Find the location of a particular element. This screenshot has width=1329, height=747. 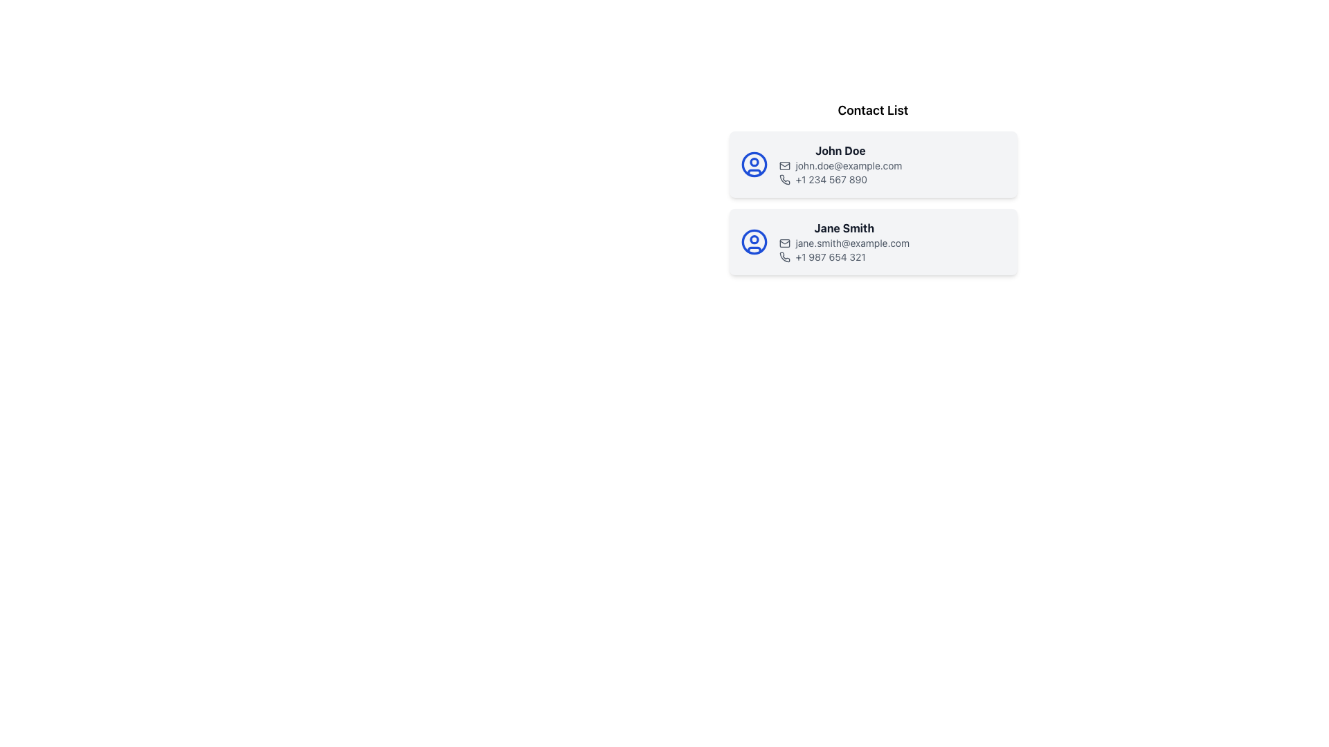

the phone icon on the contact card displaying detailed information about the person represented, which is the second card in the 'Contact List' section is located at coordinates (872, 241).